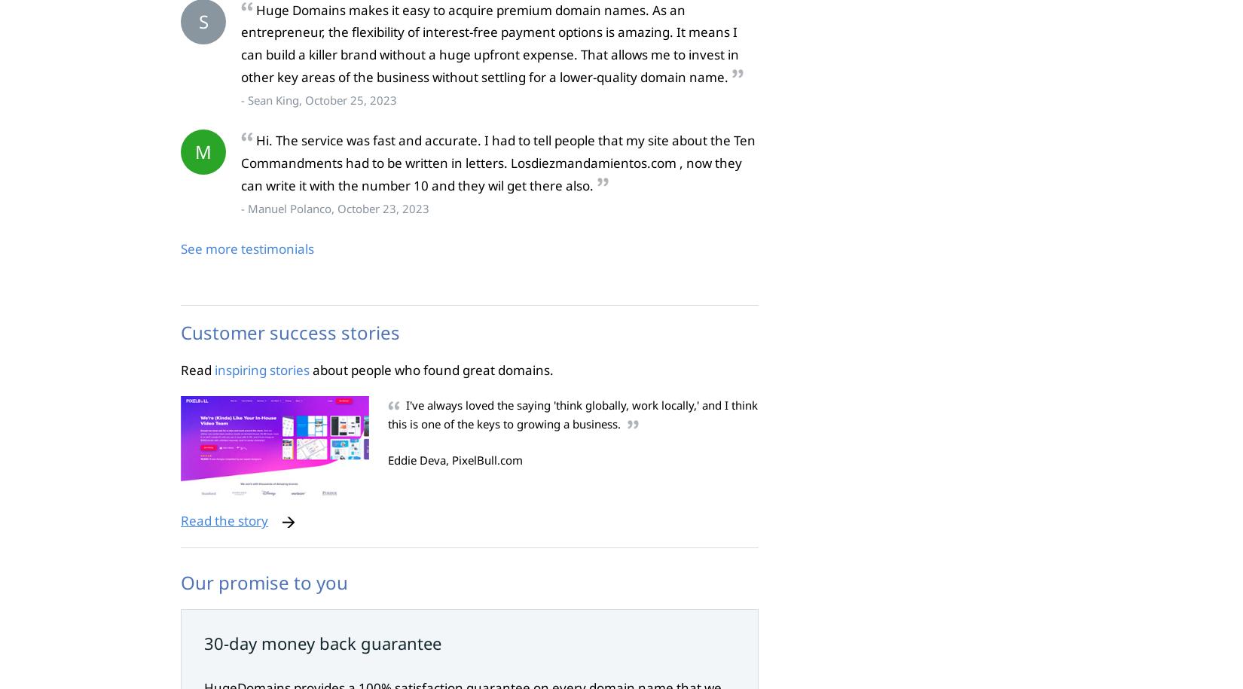  What do you see at coordinates (197, 368) in the screenshot?
I see `'Read'` at bounding box center [197, 368].